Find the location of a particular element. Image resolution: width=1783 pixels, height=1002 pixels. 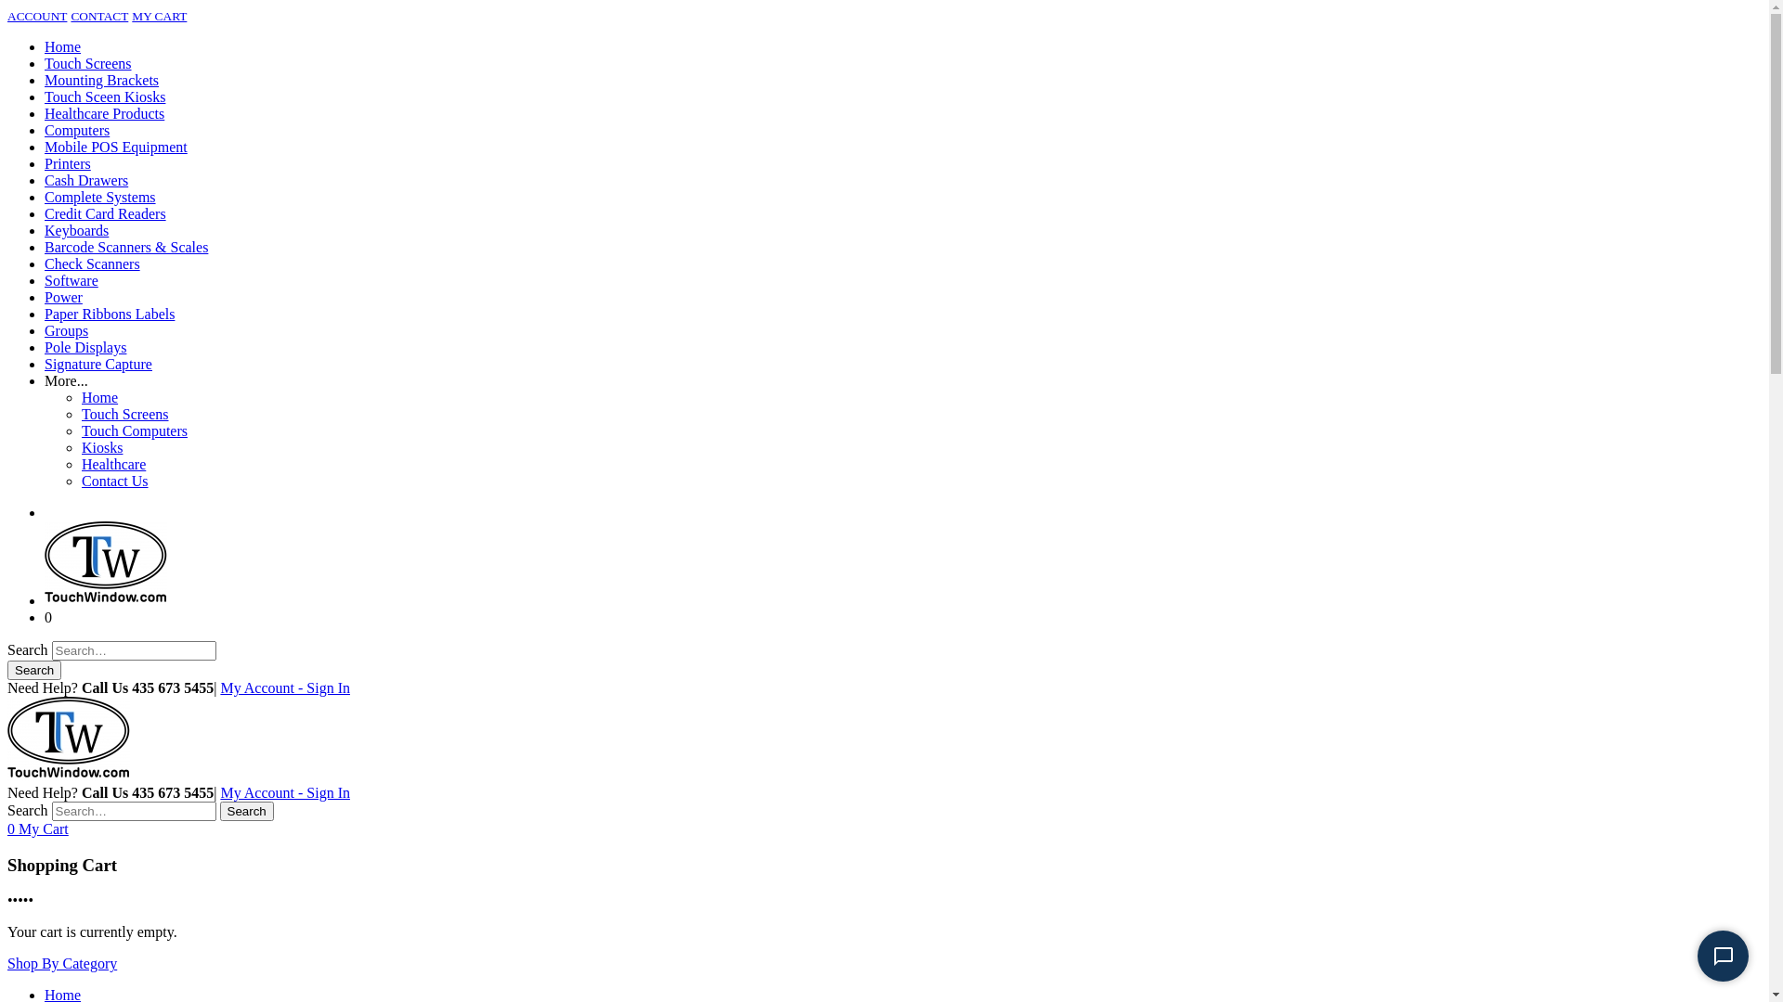

'Power' is located at coordinates (63, 296).